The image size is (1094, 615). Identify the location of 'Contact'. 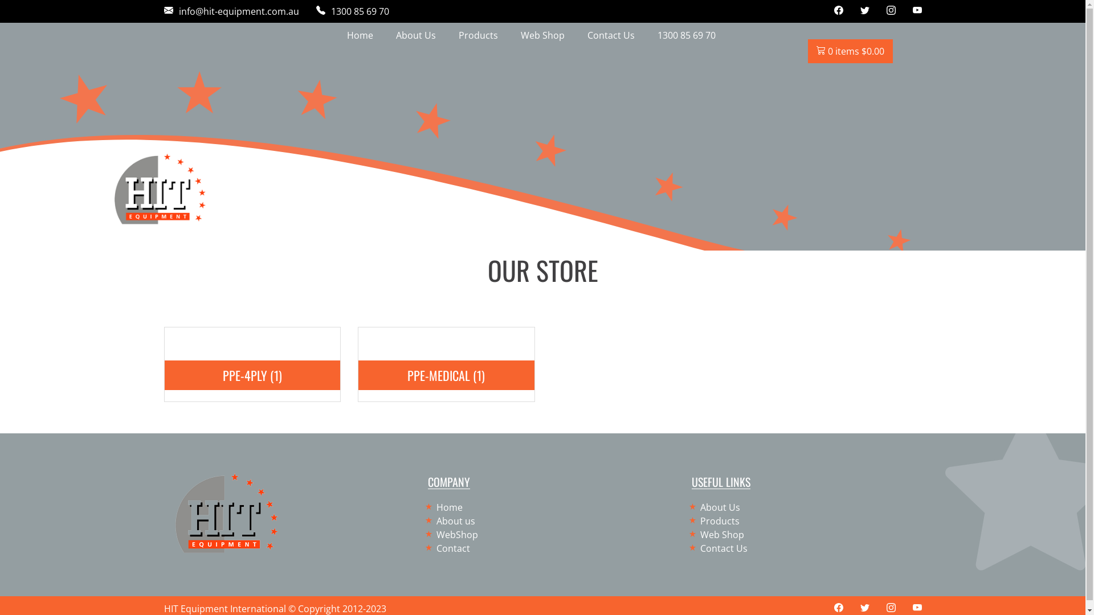
(448, 548).